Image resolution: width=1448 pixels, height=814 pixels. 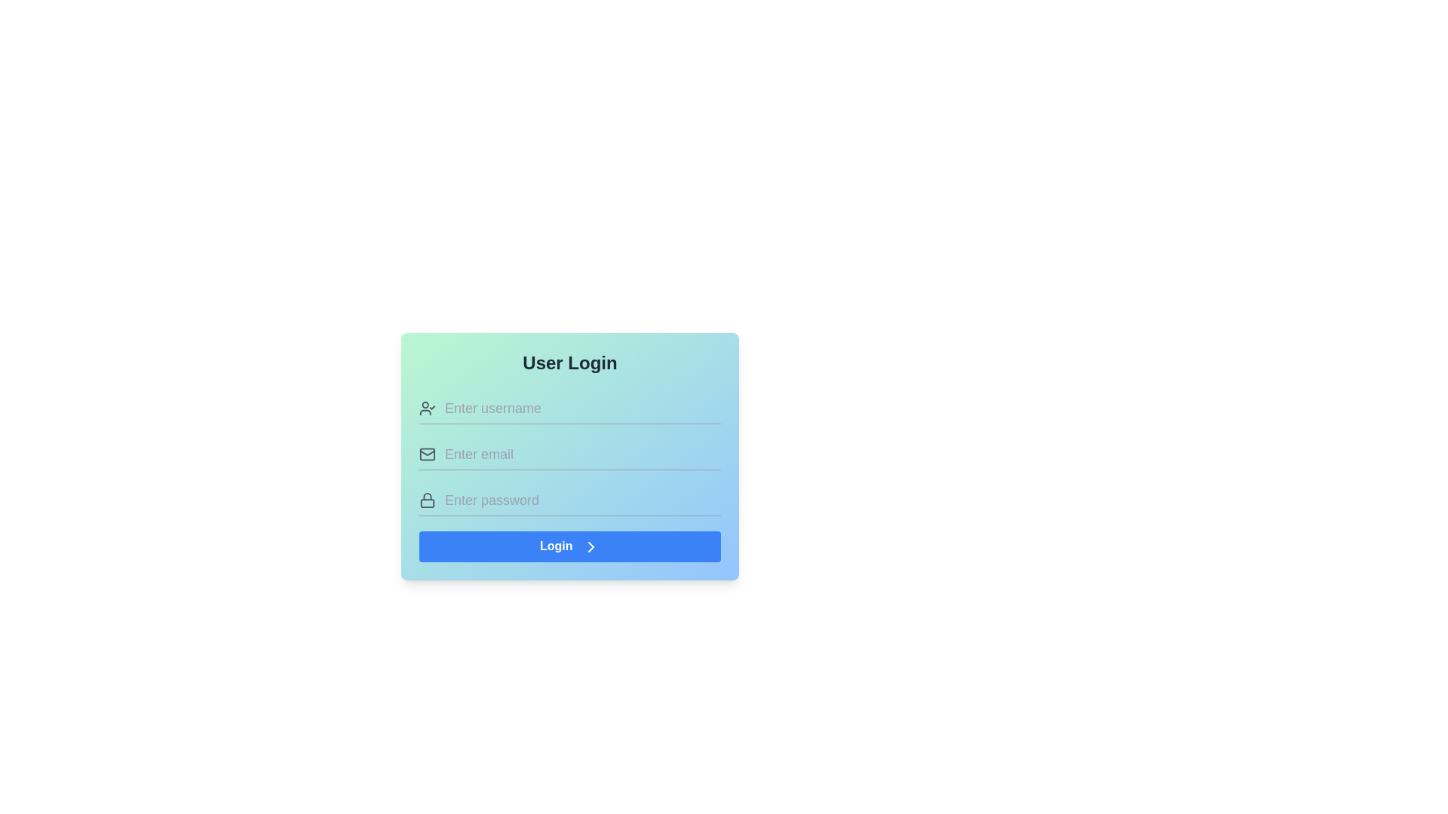 I want to click on the rightward-pointing chevron SVG graphic located next to the 'Login' button, so click(x=590, y=546).